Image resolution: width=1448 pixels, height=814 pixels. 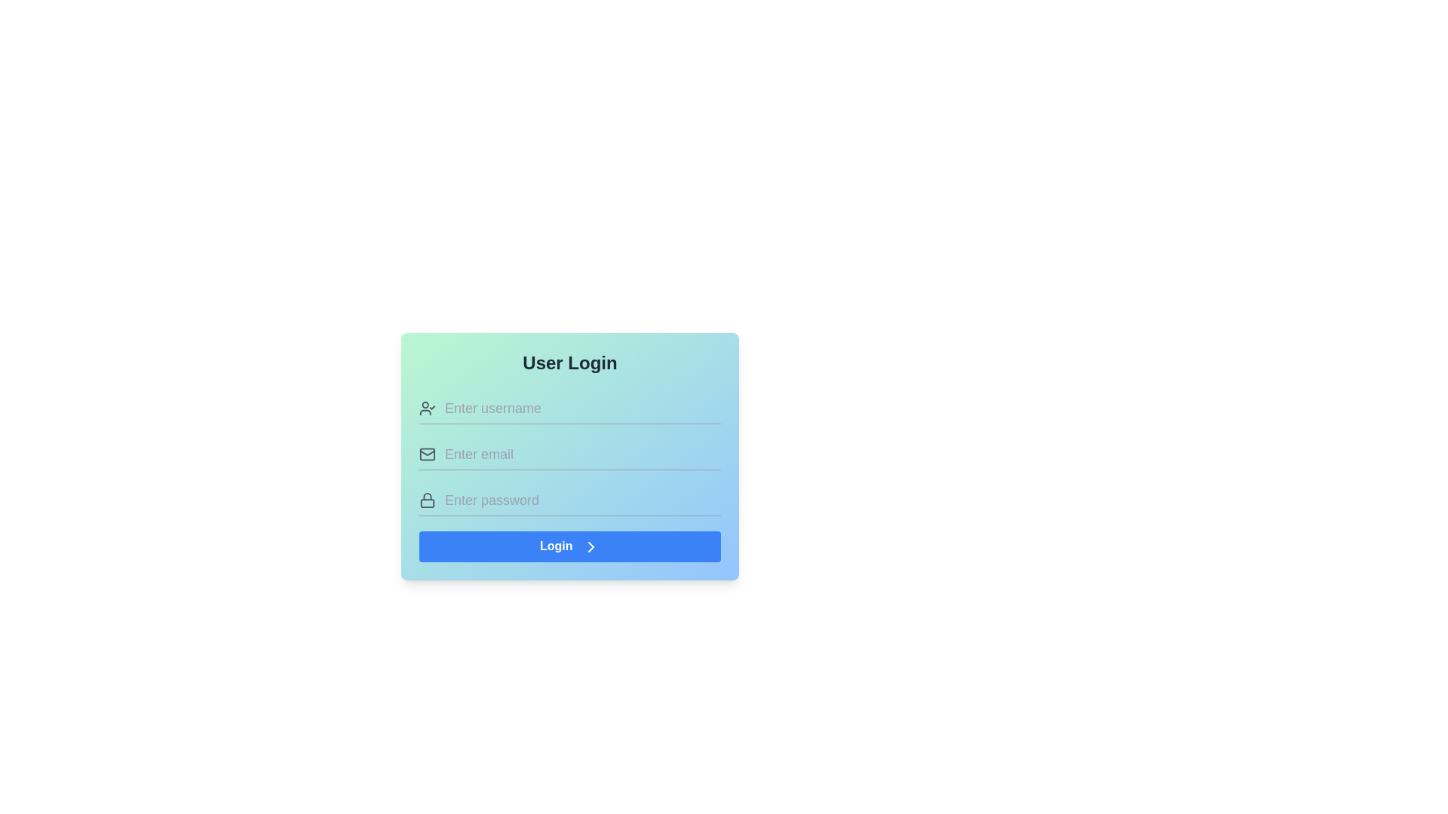 I want to click on the rightward-pointing chevron SVG graphic located next to the 'Login' button, so click(x=590, y=546).